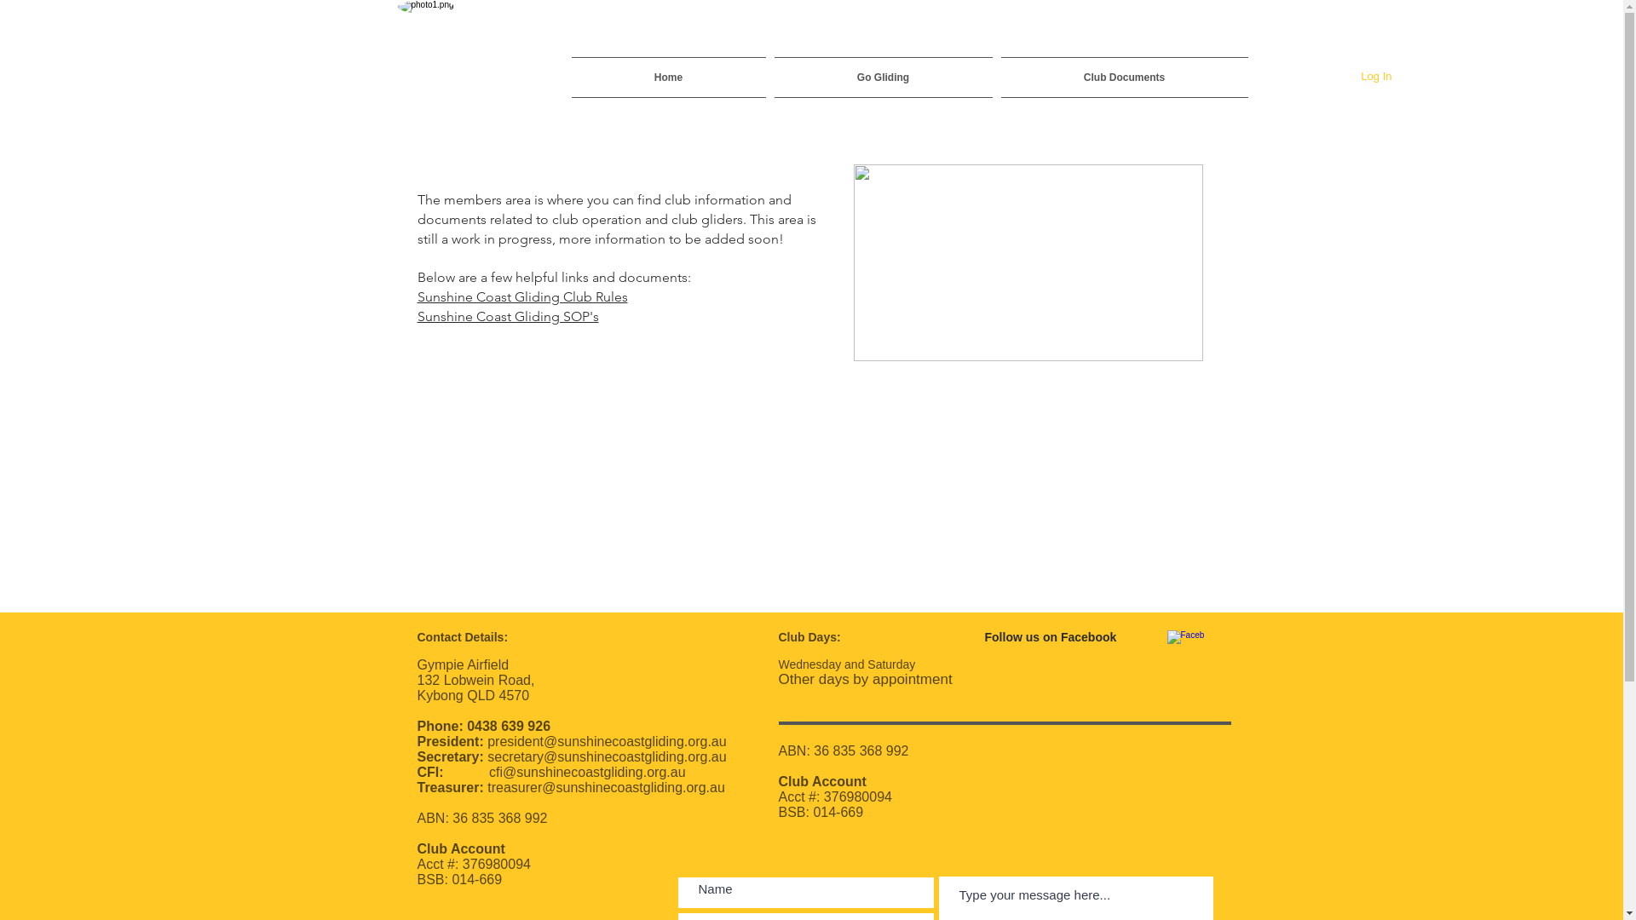  Describe the element at coordinates (1027, 262) in the screenshot. I see `'Gympie 8000ft.jpg'` at that location.